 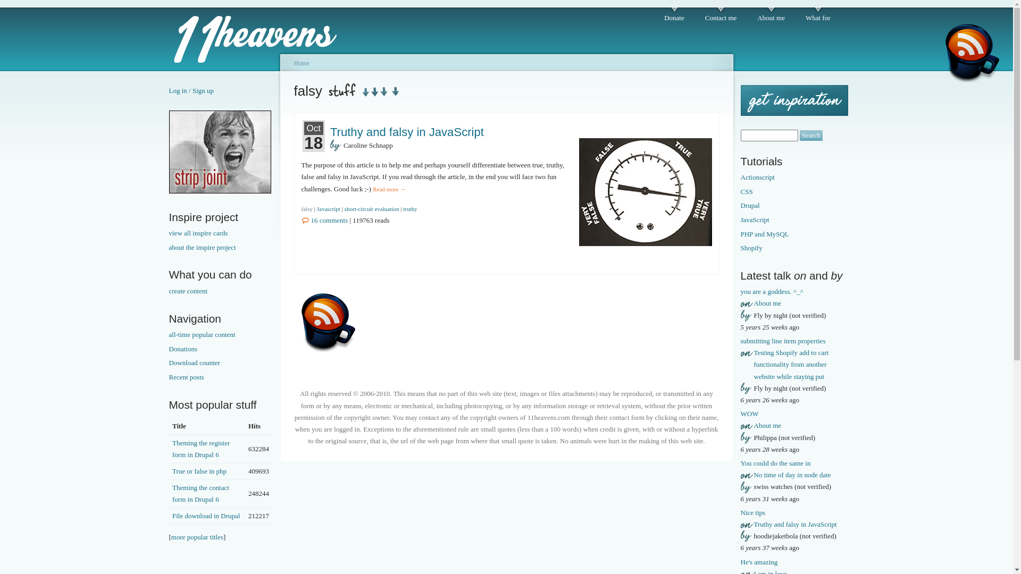 I want to click on 'Nice tips', so click(x=752, y=512).